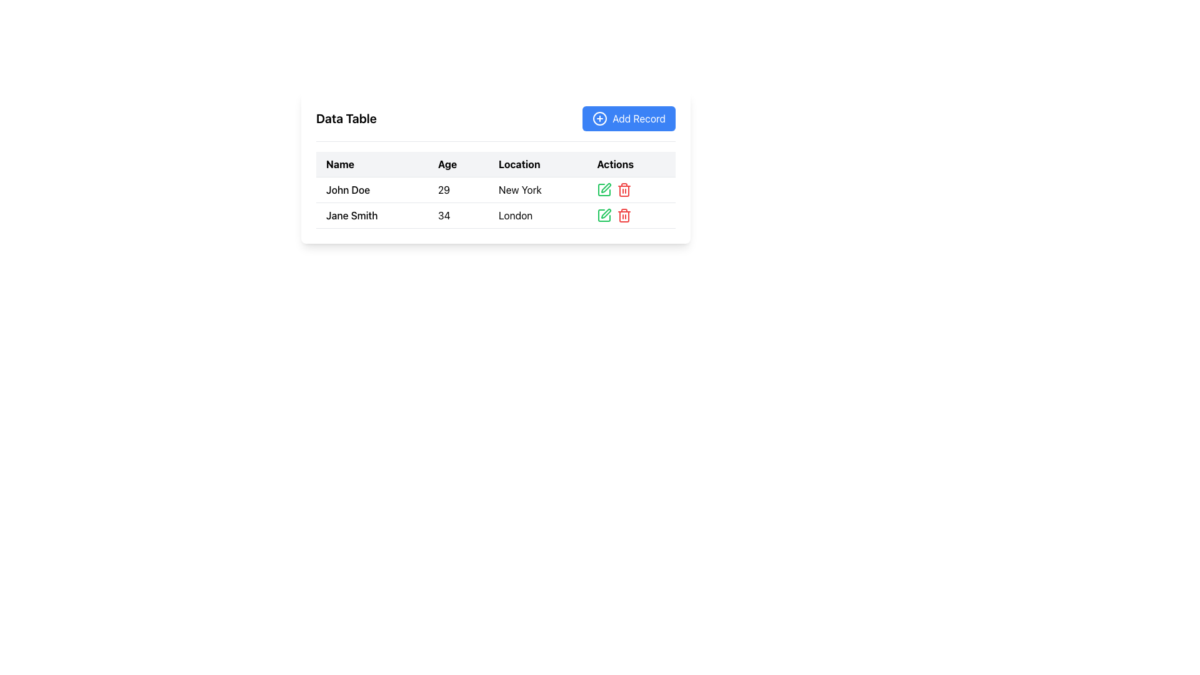 This screenshot has height=675, width=1200. Describe the element at coordinates (606, 213) in the screenshot. I see `the edit button located in the actions column of the second row in the data table to modify the details of the record for 'Jane Smith'` at that location.